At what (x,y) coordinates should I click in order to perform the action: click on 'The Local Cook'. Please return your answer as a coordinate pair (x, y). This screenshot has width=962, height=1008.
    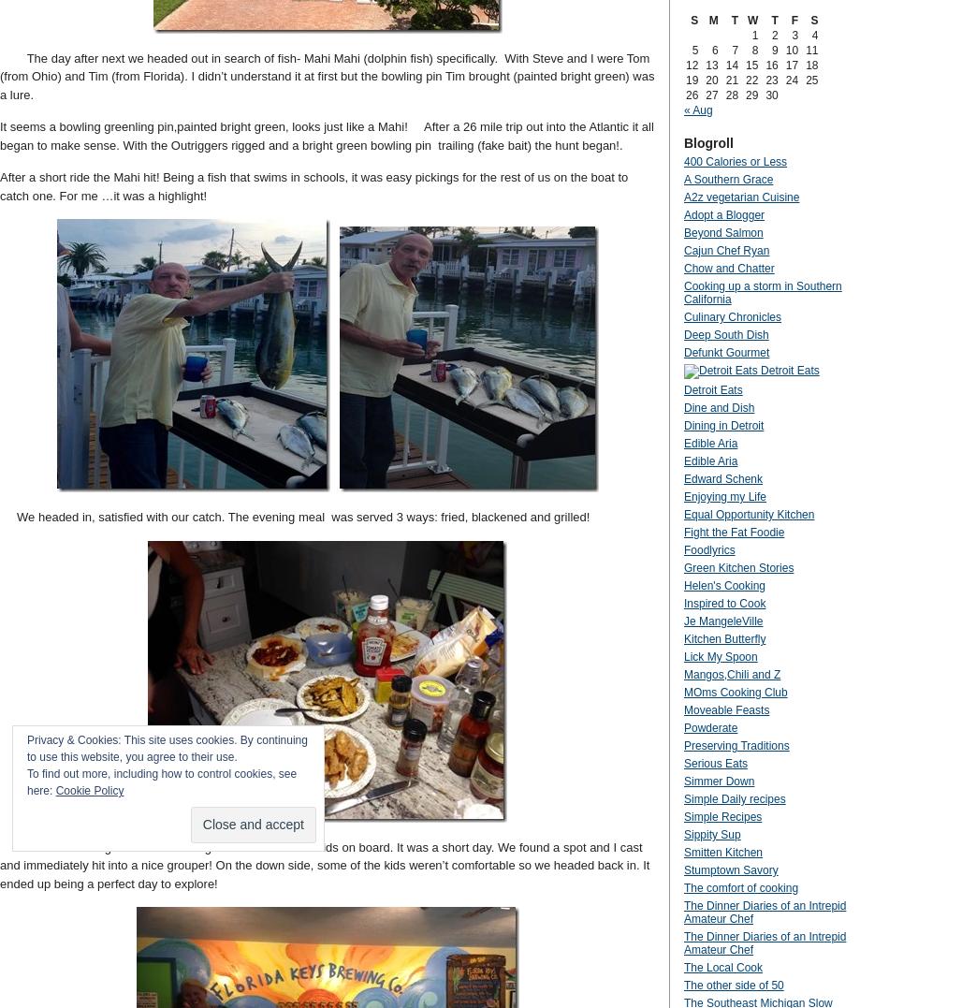
    Looking at the image, I should click on (722, 967).